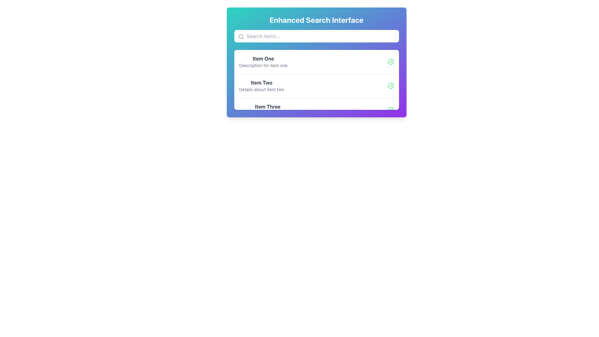 Image resolution: width=599 pixels, height=337 pixels. Describe the element at coordinates (316, 20) in the screenshot. I see `the text header labeled 'Enhanced Search Interface' which is styled in bold white font against a teal-to-purple gradient background` at that location.